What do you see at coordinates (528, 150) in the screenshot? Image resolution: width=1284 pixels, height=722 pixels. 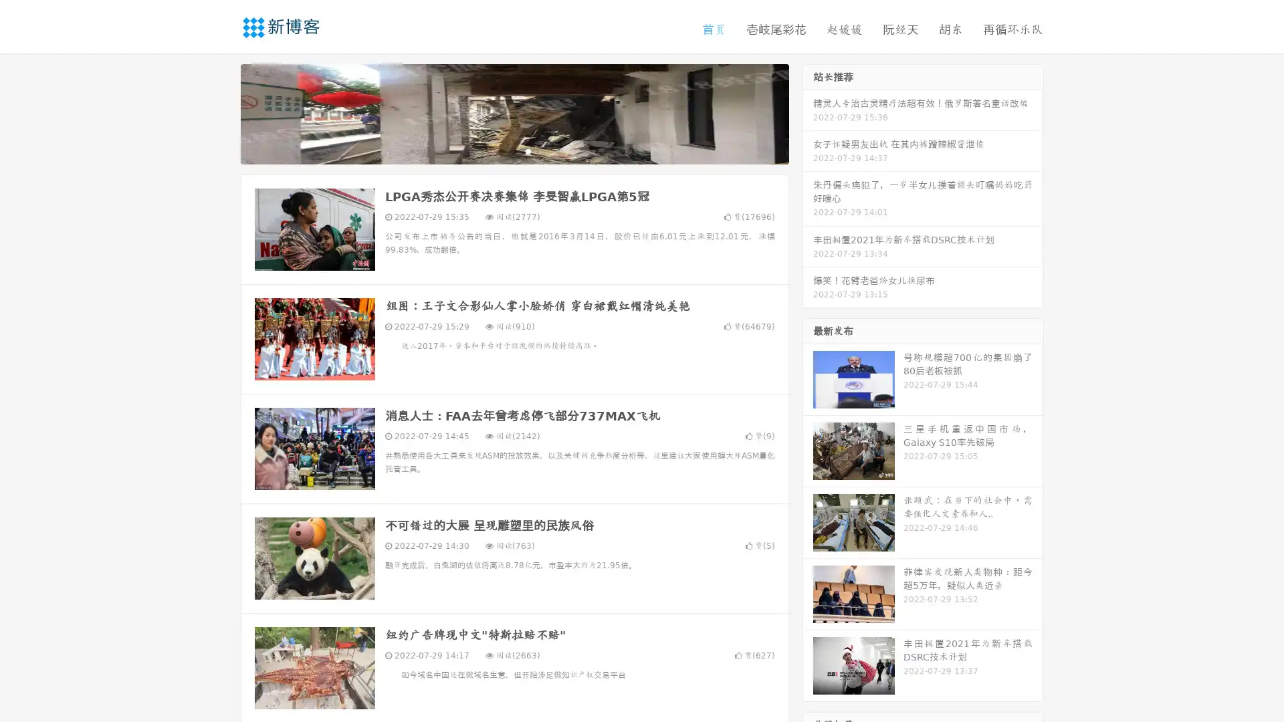 I see `Go to slide 3` at bounding box center [528, 150].